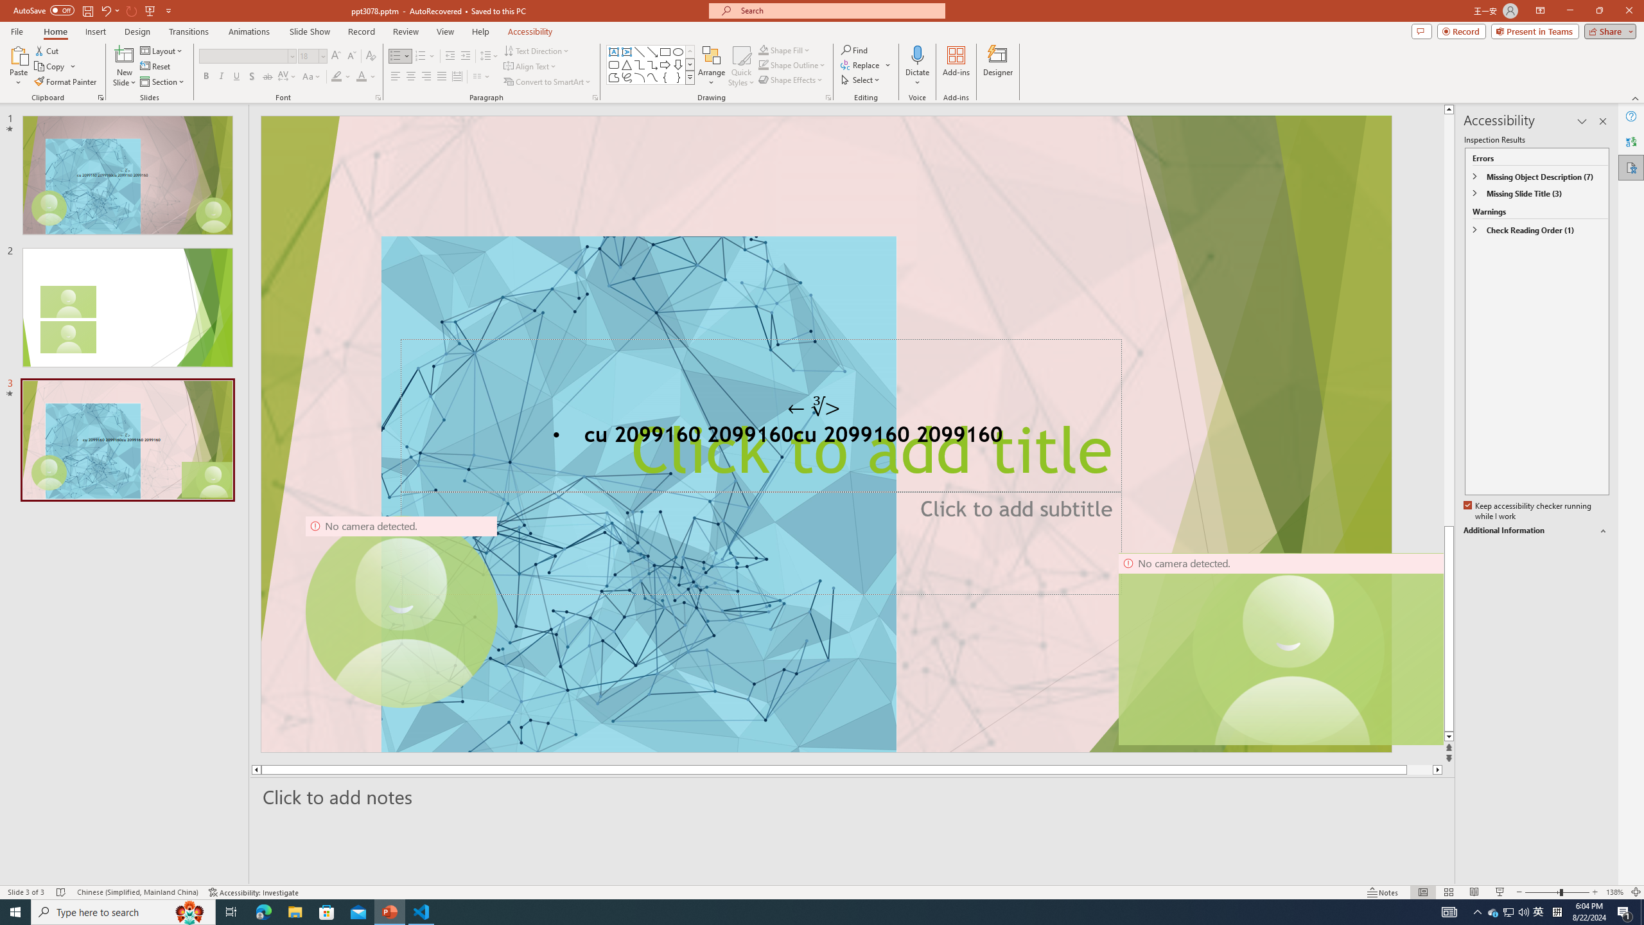 The image size is (1644, 925). Describe the element at coordinates (764, 49) in the screenshot. I see `'Shape Fill Dark Green, Accent 2'` at that location.